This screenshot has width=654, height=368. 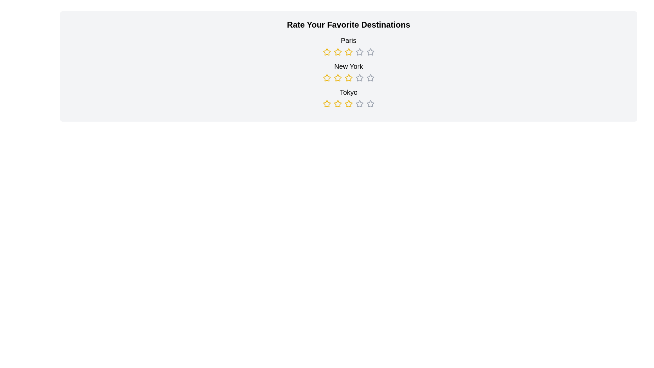 What do you see at coordinates (326, 104) in the screenshot?
I see `the yellow-colored star icon with a hollow outline located in the bottommost row of the rating section for 'Tokyo' to rate it` at bounding box center [326, 104].